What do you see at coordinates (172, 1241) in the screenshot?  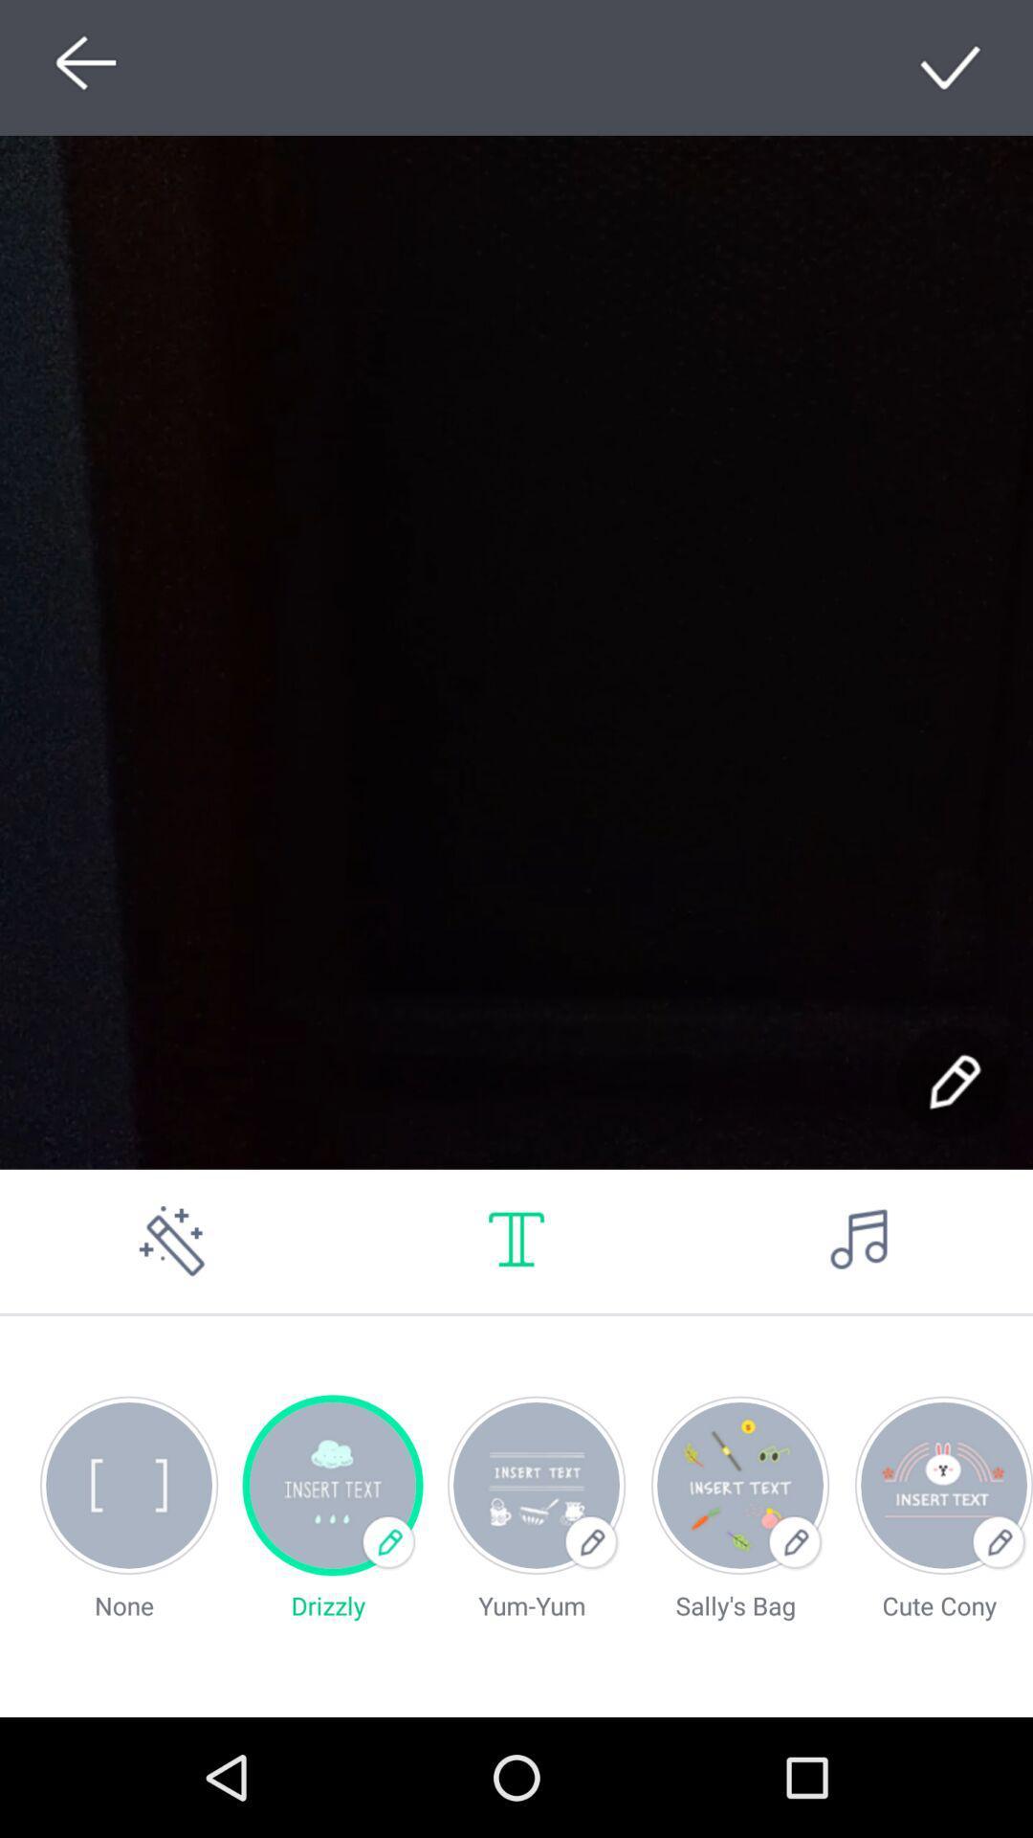 I see `rubber option` at bounding box center [172, 1241].